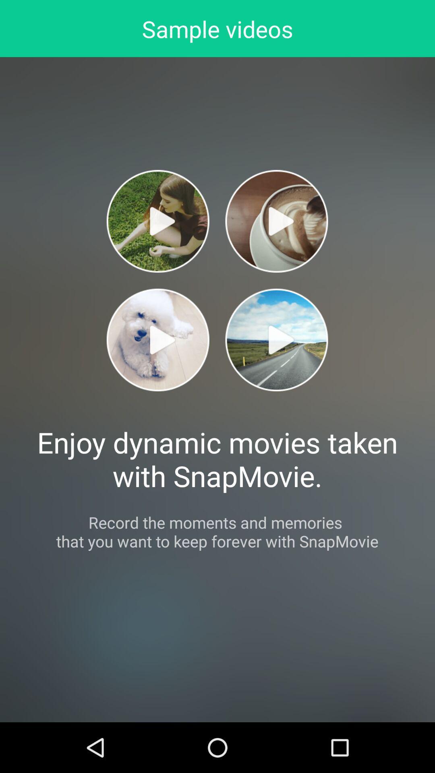 This screenshot has width=435, height=773. What do you see at coordinates (158, 340) in the screenshot?
I see `click on dog snapmovie` at bounding box center [158, 340].